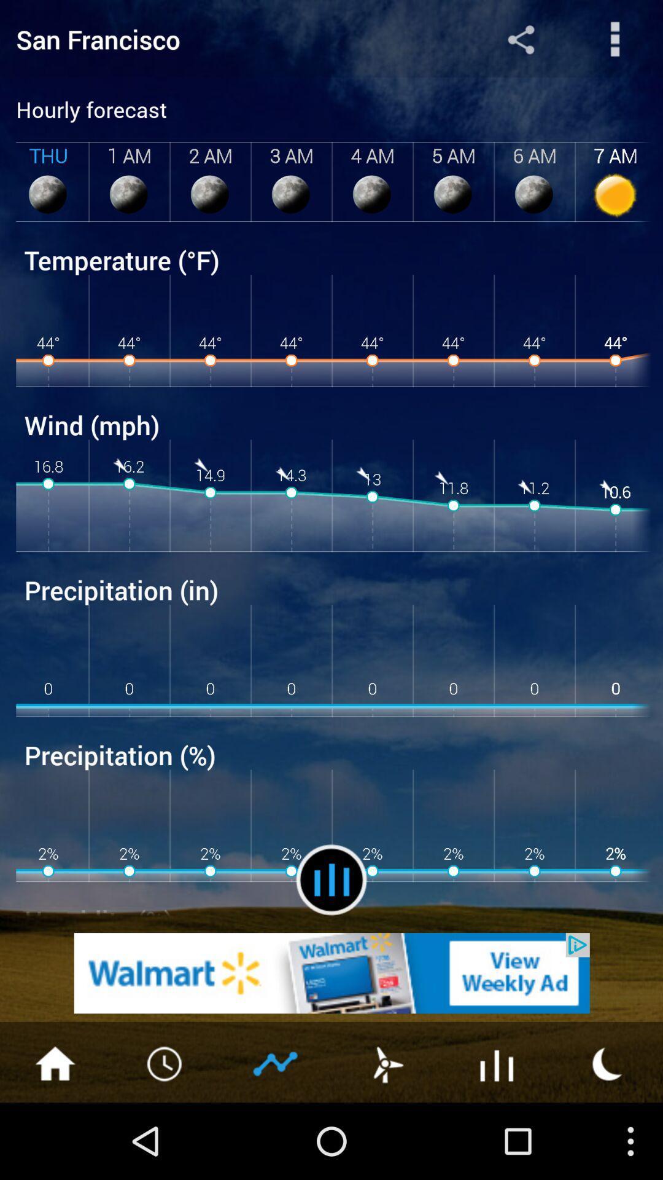  Describe the element at coordinates (386, 1136) in the screenshot. I see `the weather icon` at that location.